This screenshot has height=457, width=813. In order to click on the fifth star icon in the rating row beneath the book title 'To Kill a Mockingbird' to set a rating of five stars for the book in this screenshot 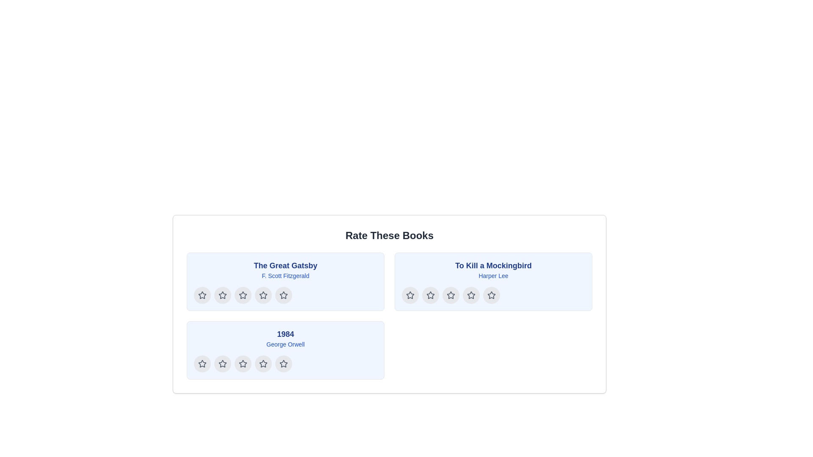, I will do `click(491, 295)`.